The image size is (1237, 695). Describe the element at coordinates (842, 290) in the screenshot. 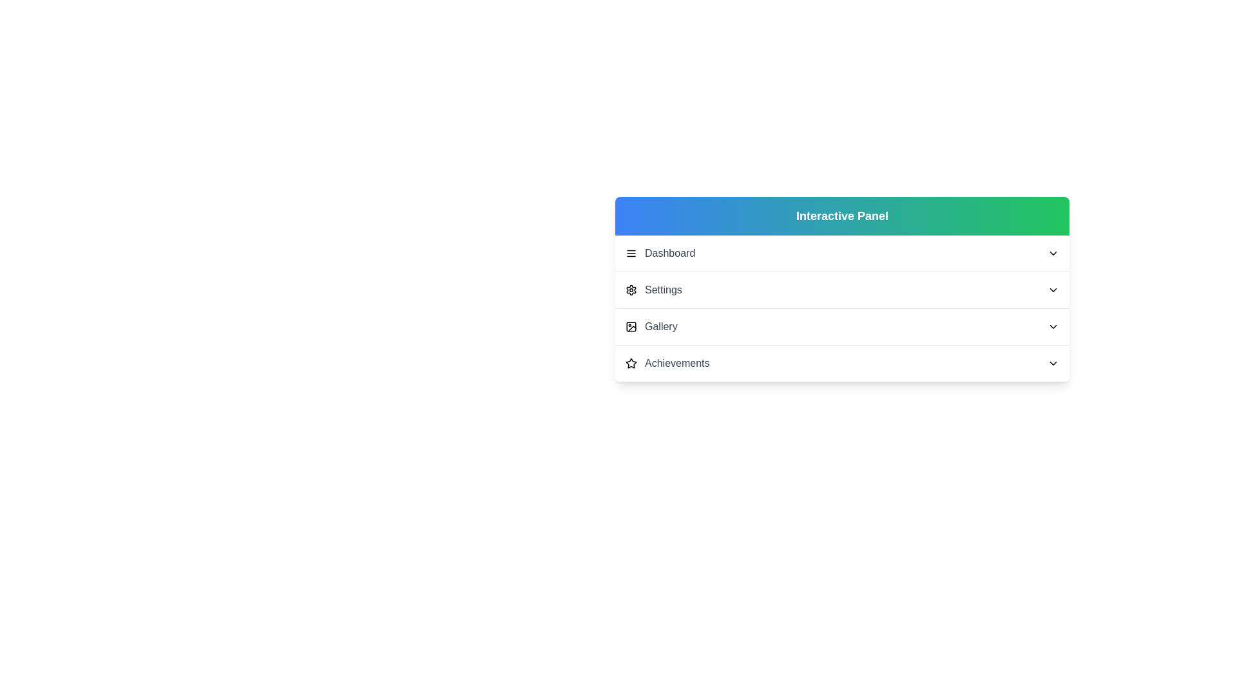

I see `the 'Settings' menu item` at that location.